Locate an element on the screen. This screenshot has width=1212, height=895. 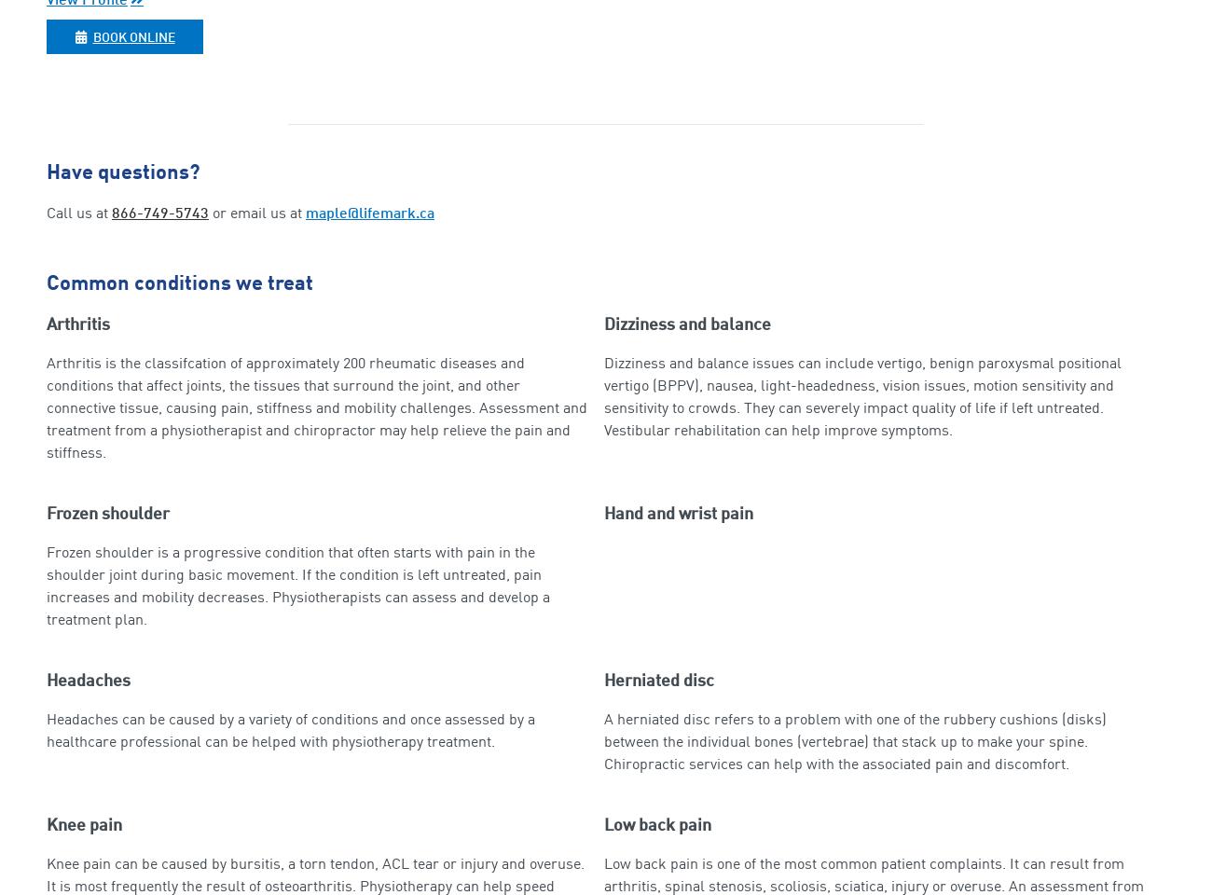
'Dizziness and balance issues can include vertigo, benign paroxysmal positional vertigo (BPPV), nausea, light-headedness, vision issues, motion sensitivity and sensitivity to crowds. They can severely impact quality of life if left untreated. Vestibular rehabilitation can help improve symptoms.' is located at coordinates (862, 396).